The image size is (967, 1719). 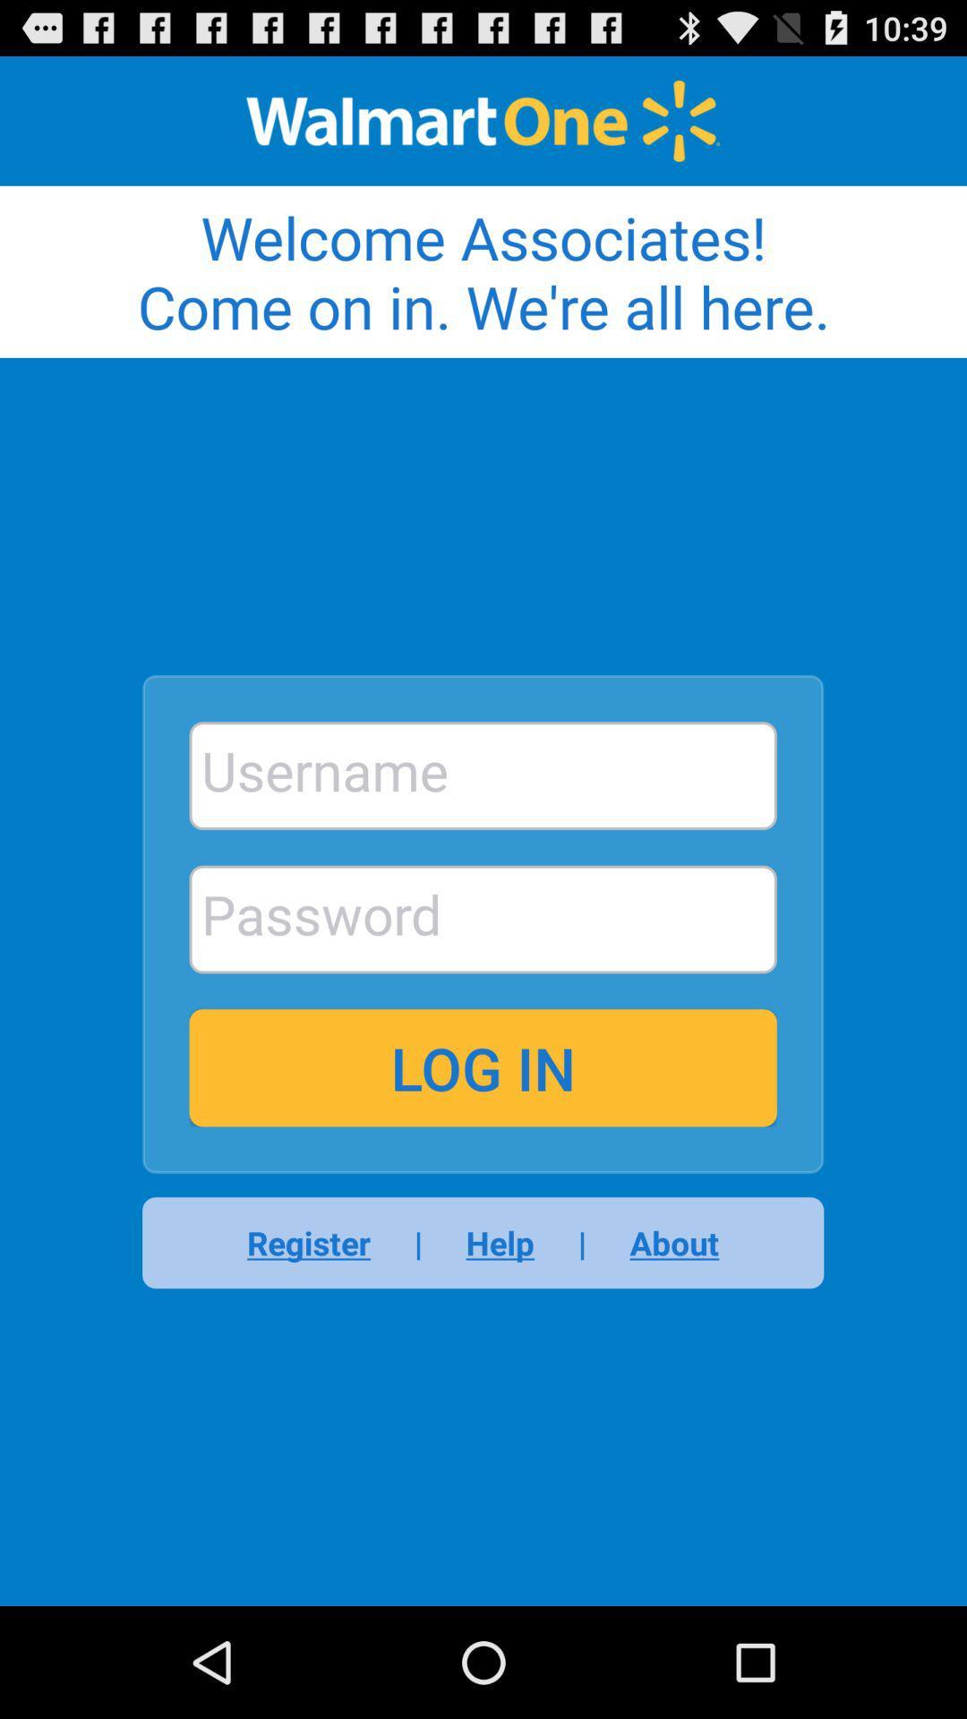 What do you see at coordinates (663, 1242) in the screenshot?
I see `item next to the | item` at bounding box center [663, 1242].